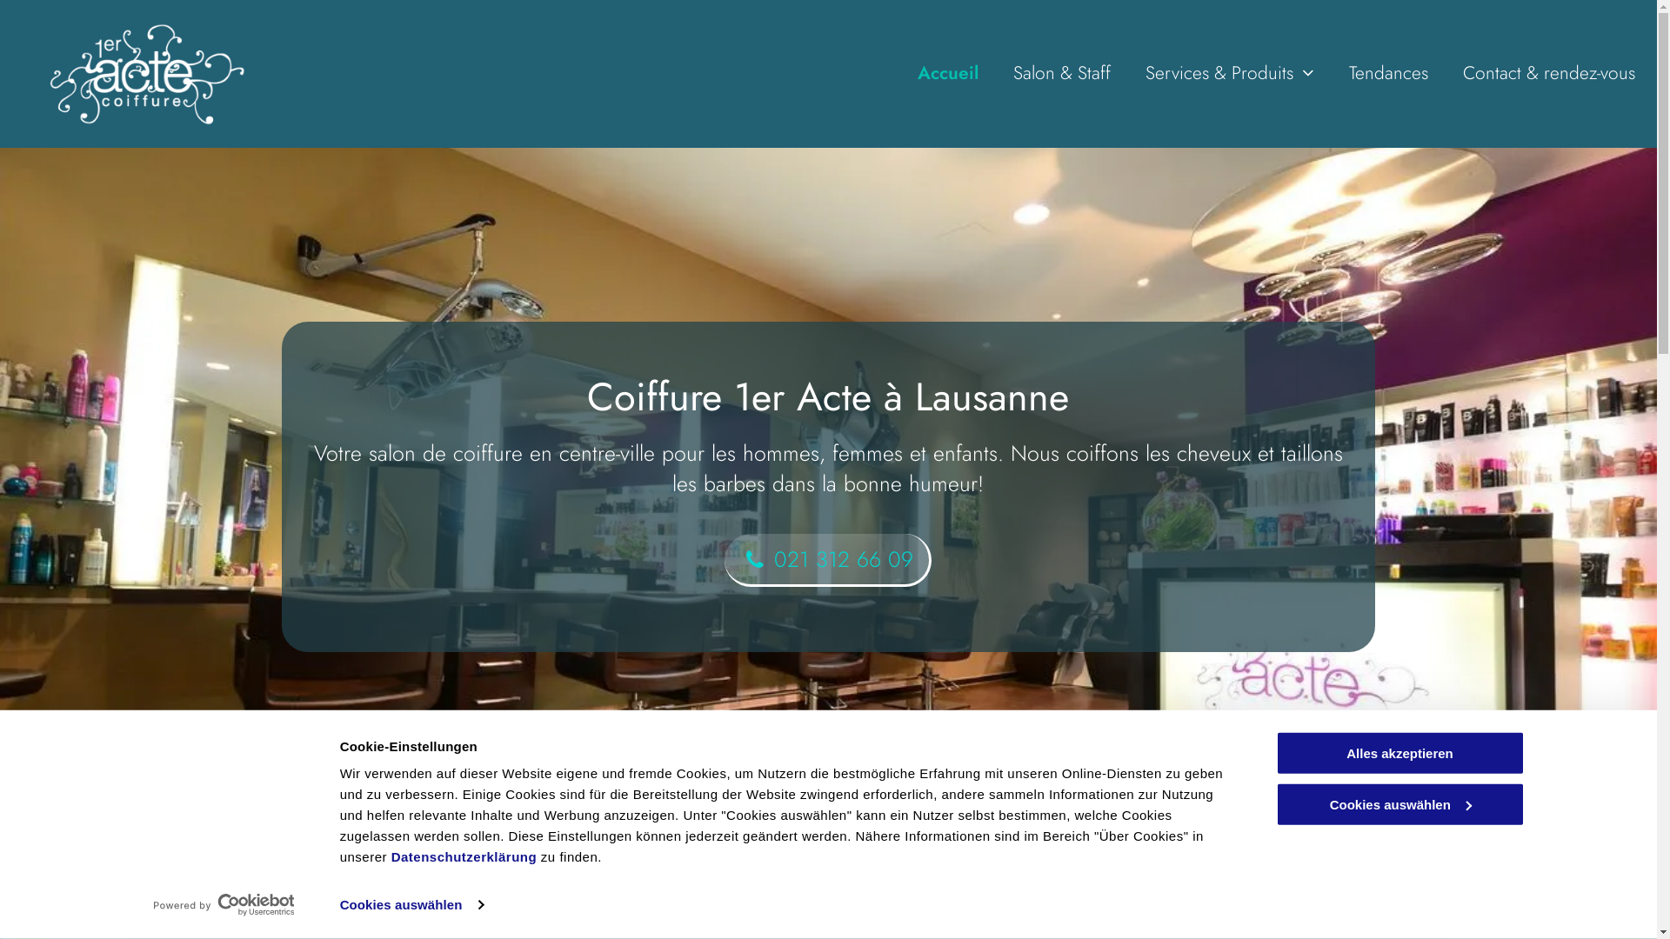  I want to click on 'Tendances', so click(1387, 72).